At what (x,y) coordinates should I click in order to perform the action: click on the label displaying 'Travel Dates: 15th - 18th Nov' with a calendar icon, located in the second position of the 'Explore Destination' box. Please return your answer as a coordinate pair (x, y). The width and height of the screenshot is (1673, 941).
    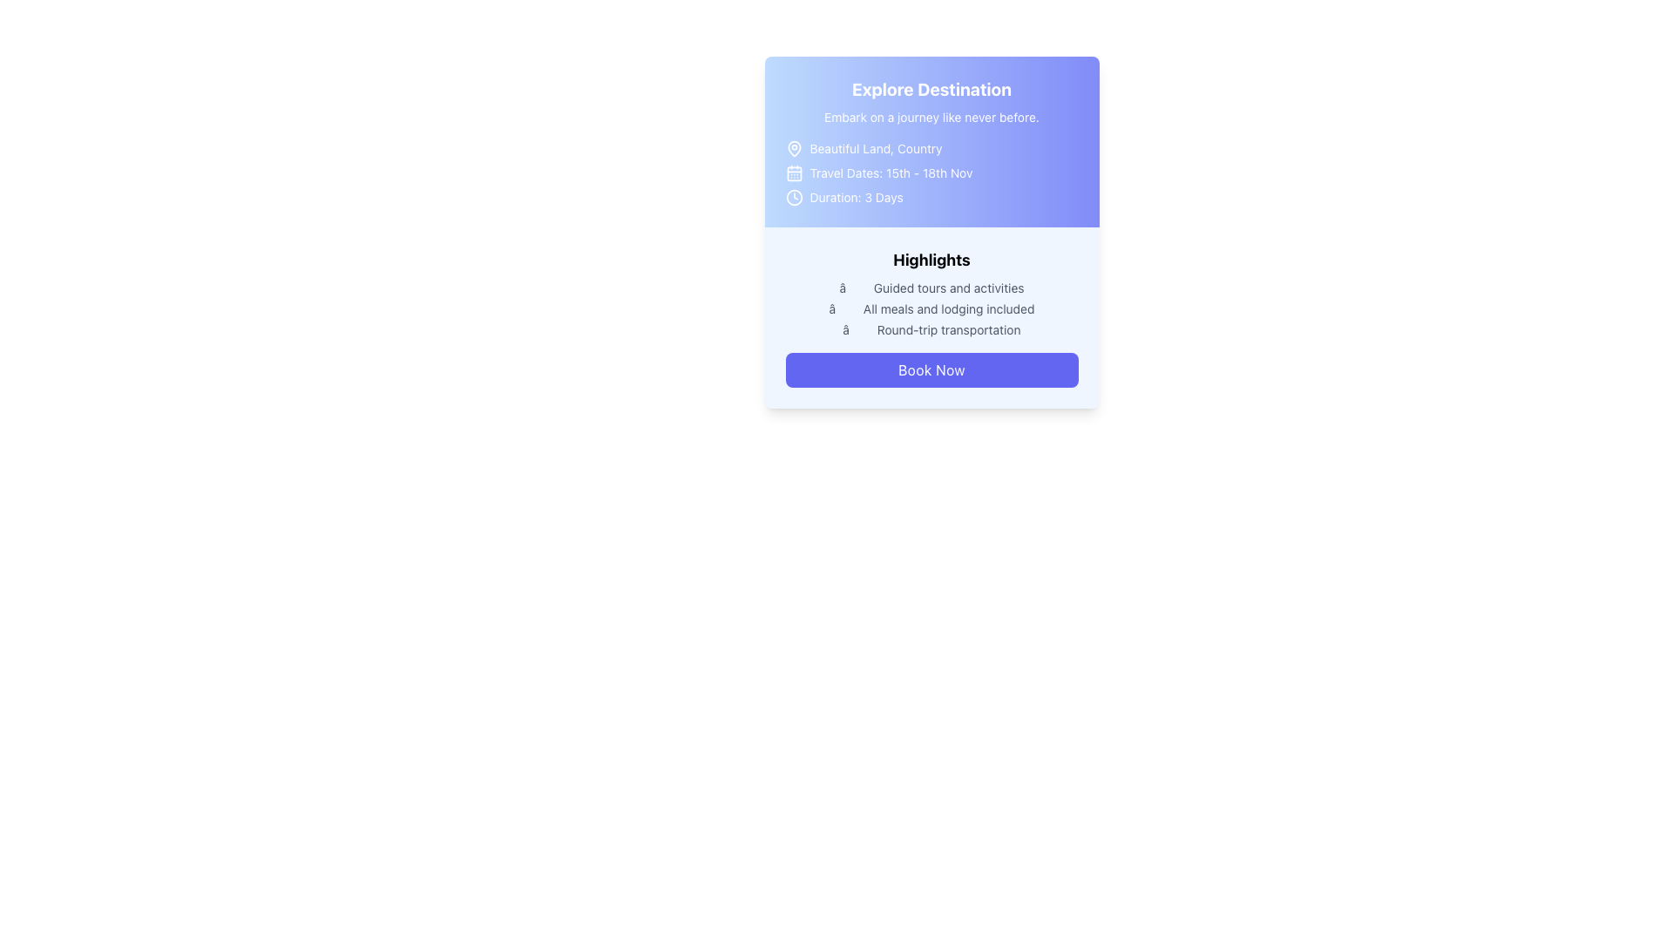
    Looking at the image, I should click on (931, 173).